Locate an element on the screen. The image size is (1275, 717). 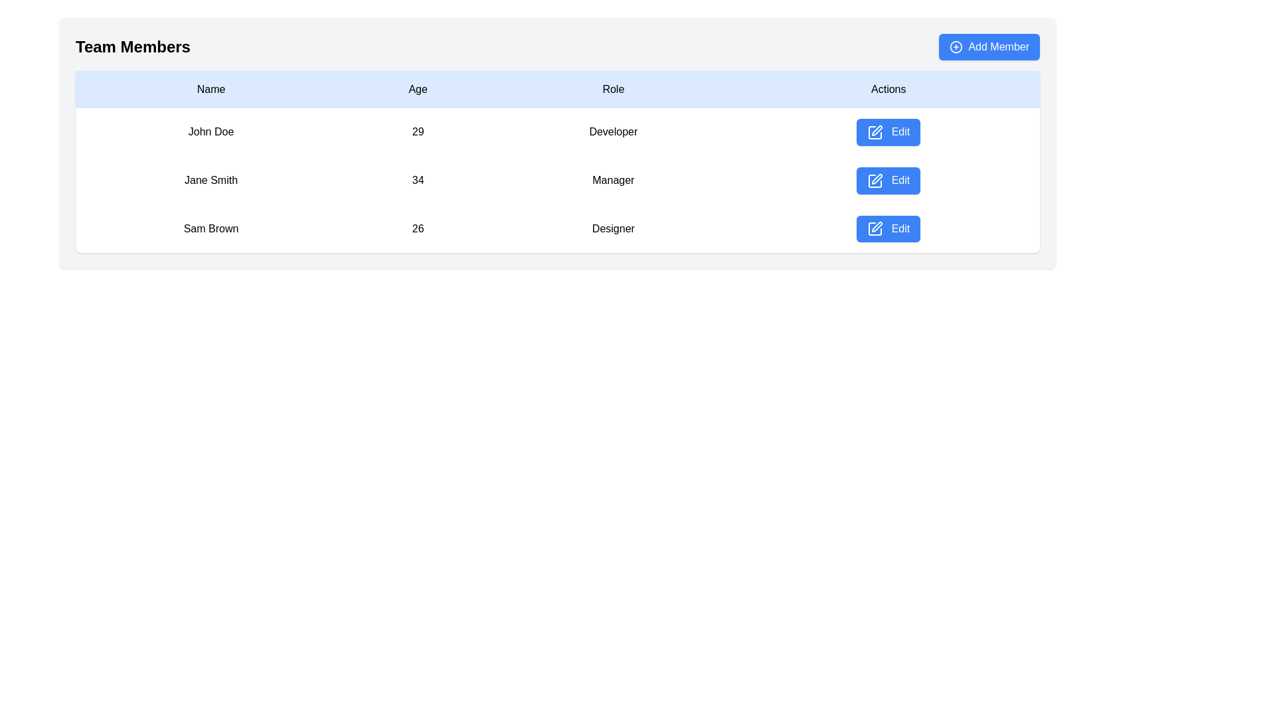
the text label displaying the age of 'Sam Brown' in the second column of the third row within the 'Team Members' section is located at coordinates (417, 228).